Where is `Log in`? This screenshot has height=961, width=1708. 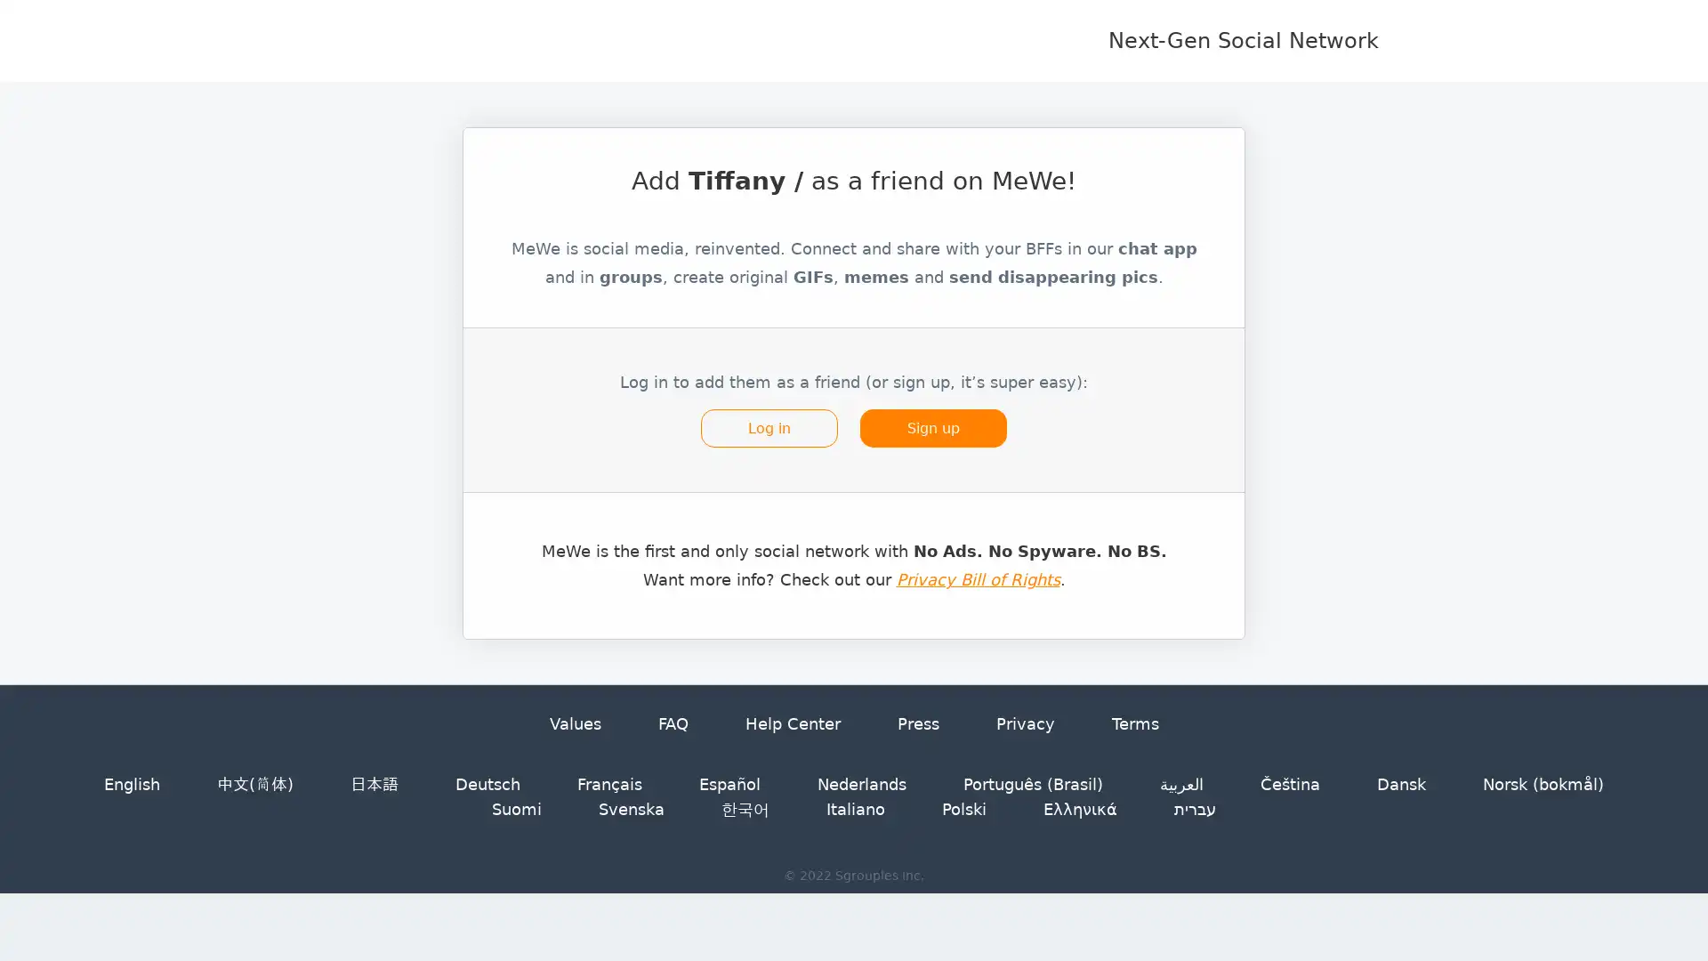 Log in is located at coordinates (770, 440).